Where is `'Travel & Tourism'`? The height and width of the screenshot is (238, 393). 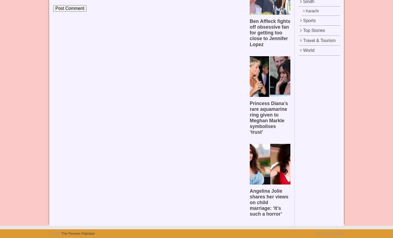 'Travel & Tourism' is located at coordinates (319, 40).